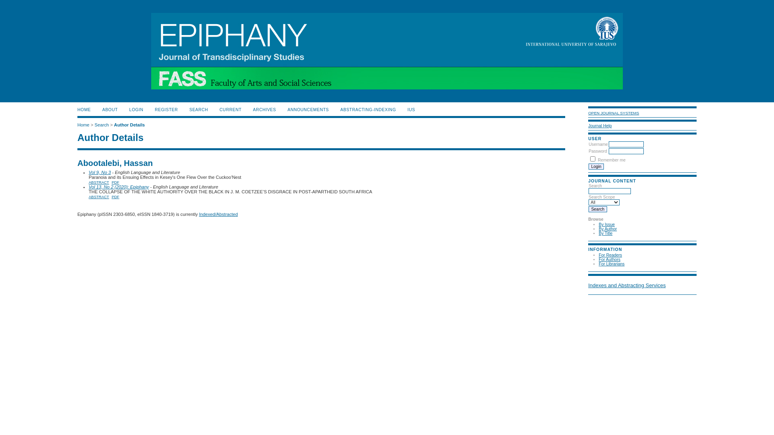 This screenshot has width=774, height=435. What do you see at coordinates (613, 113) in the screenshot?
I see `'OPEN JOURNAL SYSTEMS'` at bounding box center [613, 113].